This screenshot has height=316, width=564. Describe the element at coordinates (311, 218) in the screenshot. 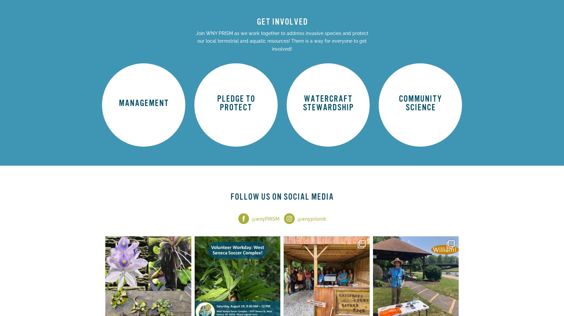

I see `'@wnyprism8'` at that location.